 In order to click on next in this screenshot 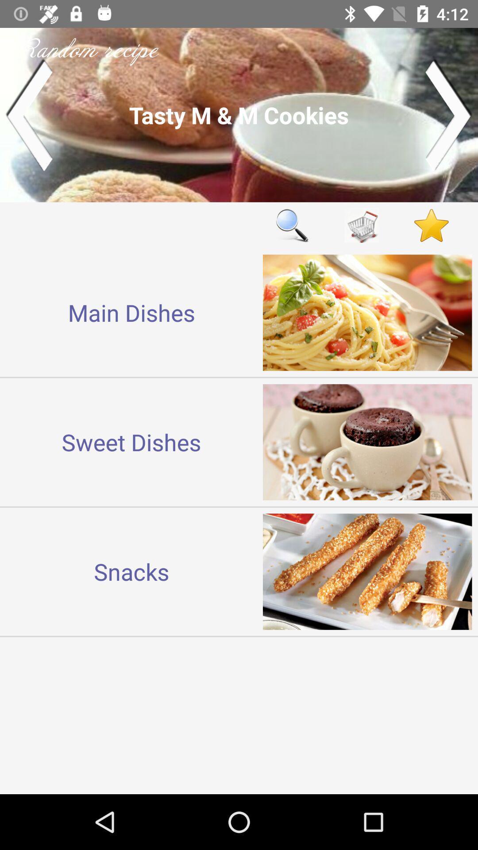, I will do `click(449, 114)`.